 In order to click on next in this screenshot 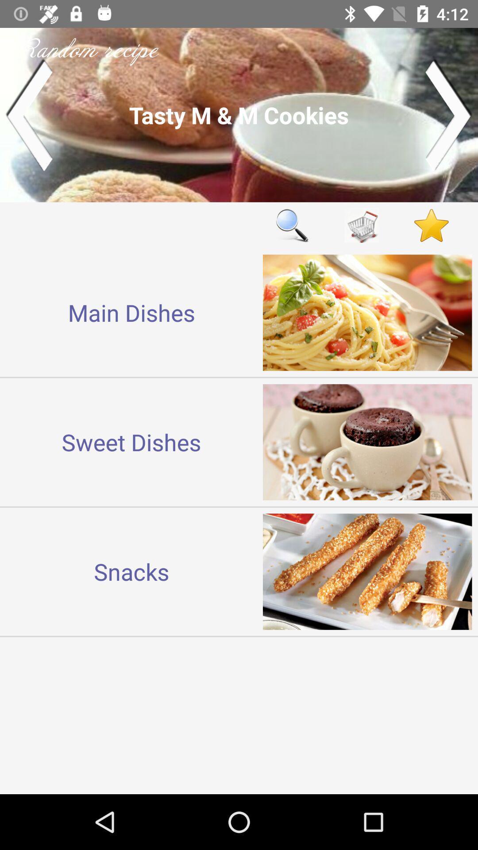, I will do `click(449, 114)`.